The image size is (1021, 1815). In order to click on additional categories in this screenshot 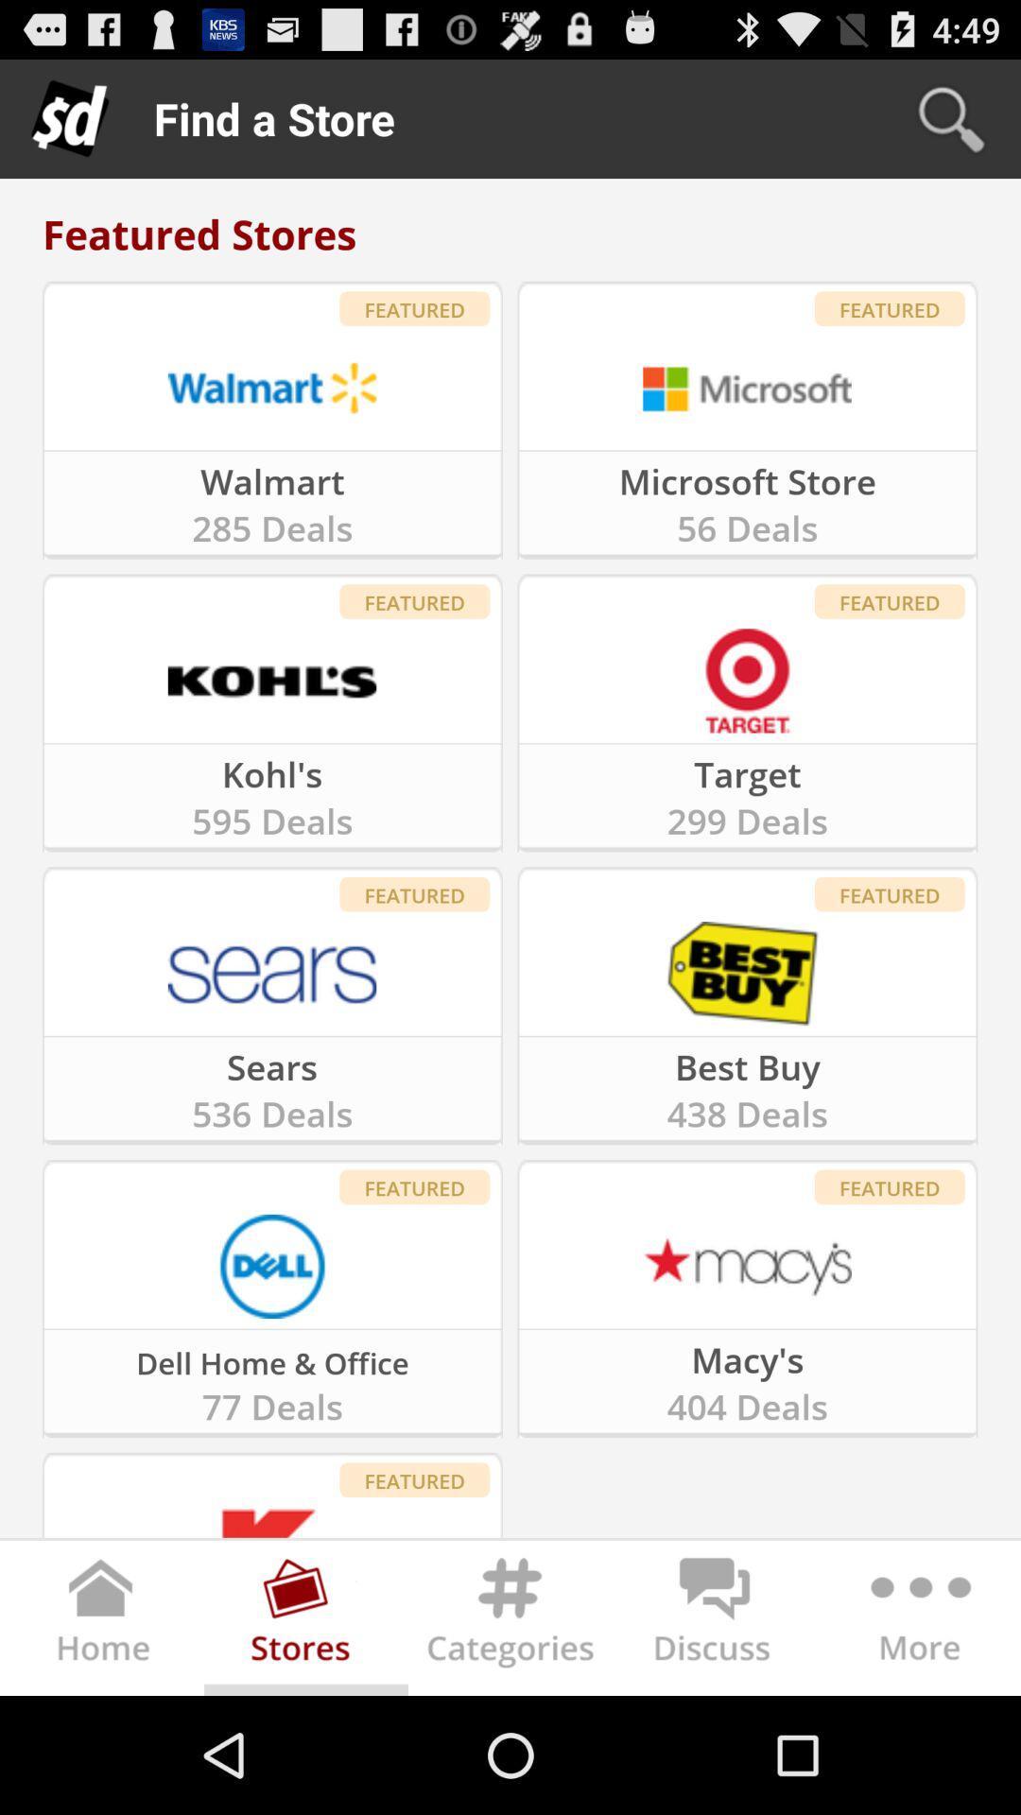, I will do `click(917, 1620)`.